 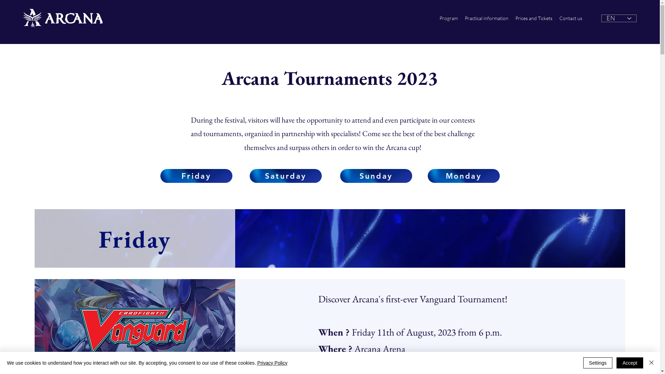 What do you see at coordinates (583, 363) in the screenshot?
I see `'Settings'` at bounding box center [583, 363].